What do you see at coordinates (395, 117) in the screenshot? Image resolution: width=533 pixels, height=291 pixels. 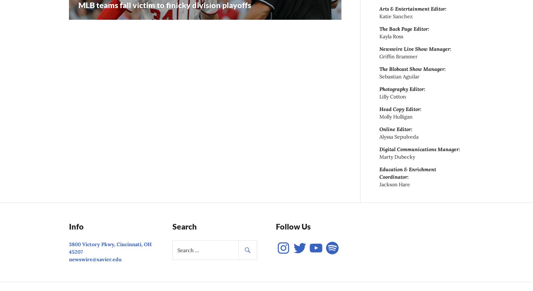 I see `'Molly Hulligan'` at bounding box center [395, 117].